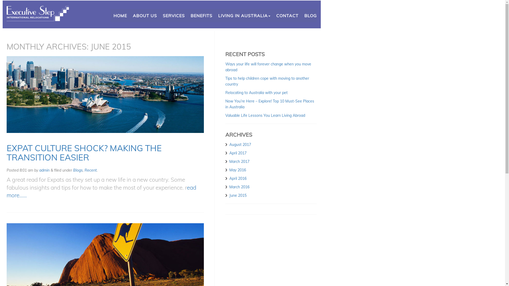  Describe the element at coordinates (268, 67) in the screenshot. I see `'Ways your life will forever change when you move abroad'` at that location.